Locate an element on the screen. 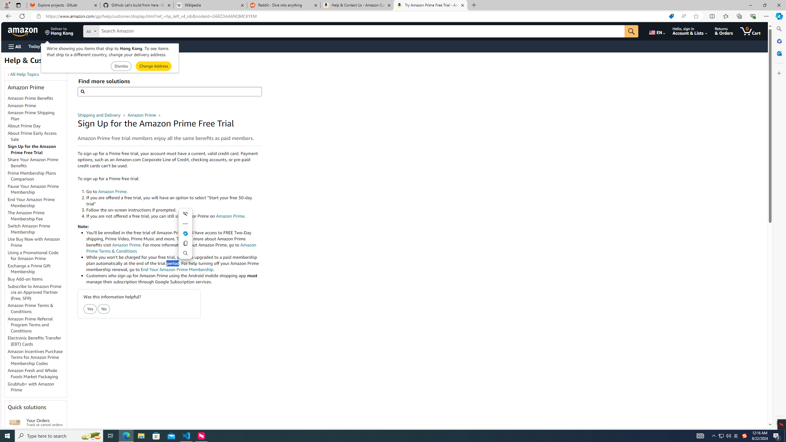 The width and height of the screenshot is (786, 442). 'Switch Amazon Prime Membership' is located at coordinates (37, 229).